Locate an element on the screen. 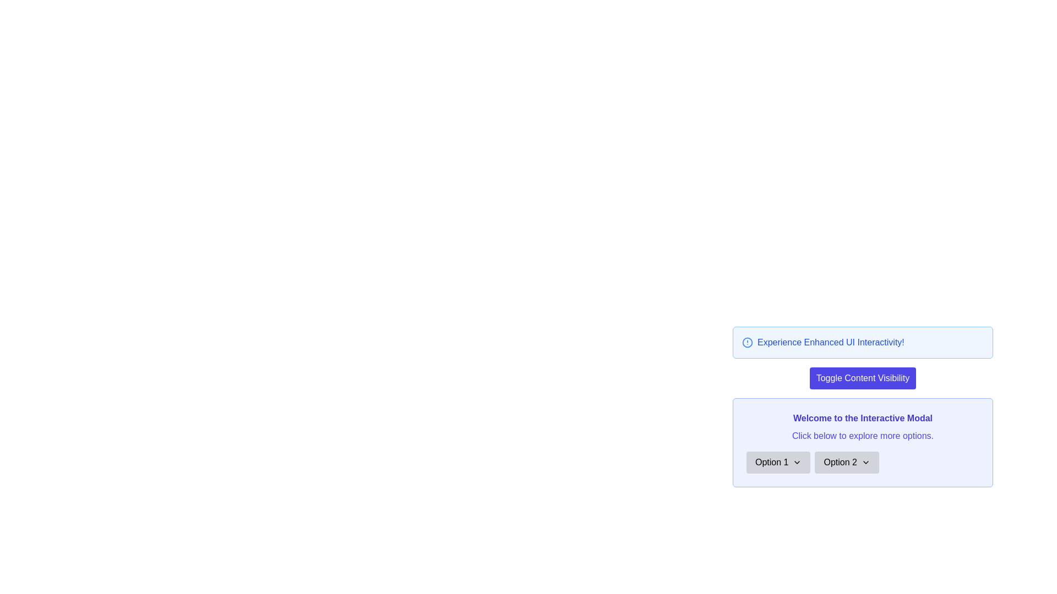 The height and width of the screenshot is (594, 1057). the toggle button located below the blue alert message with the text 'Experience Enhanced UI Interactivity!' is located at coordinates (862, 377).